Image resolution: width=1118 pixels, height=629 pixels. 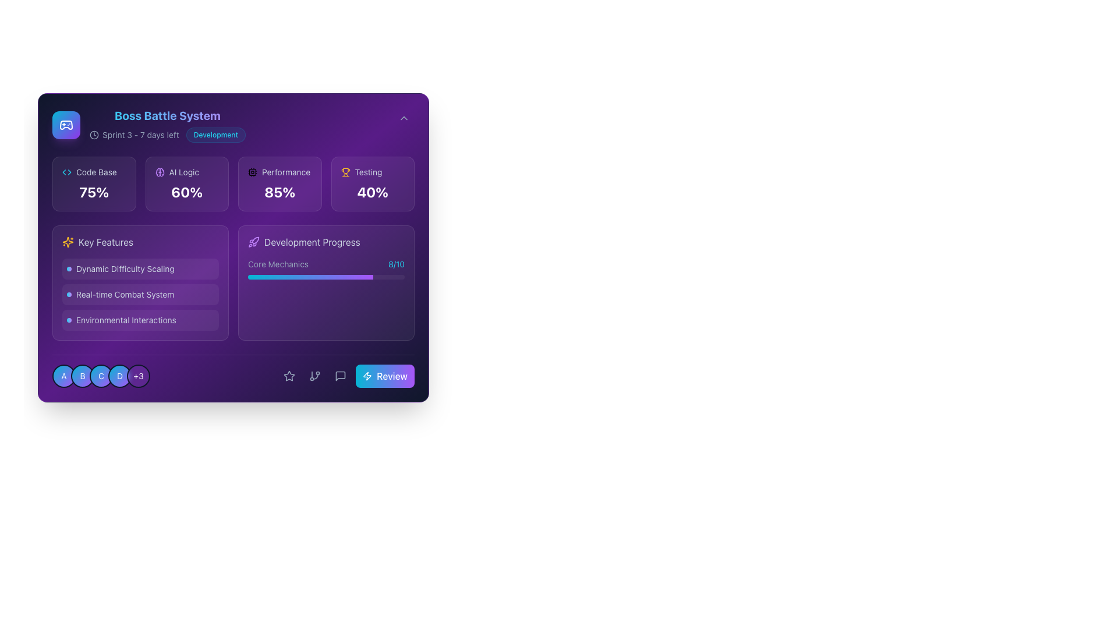 What do you see at coordinates (140, 294) in the screenshot?
I see `the 'Real-time Combat System' label with a decorative cyan to purple gradient icon, positioned centrally in the left panel under the 'Key Features' section` at bounding box center [140, 294].